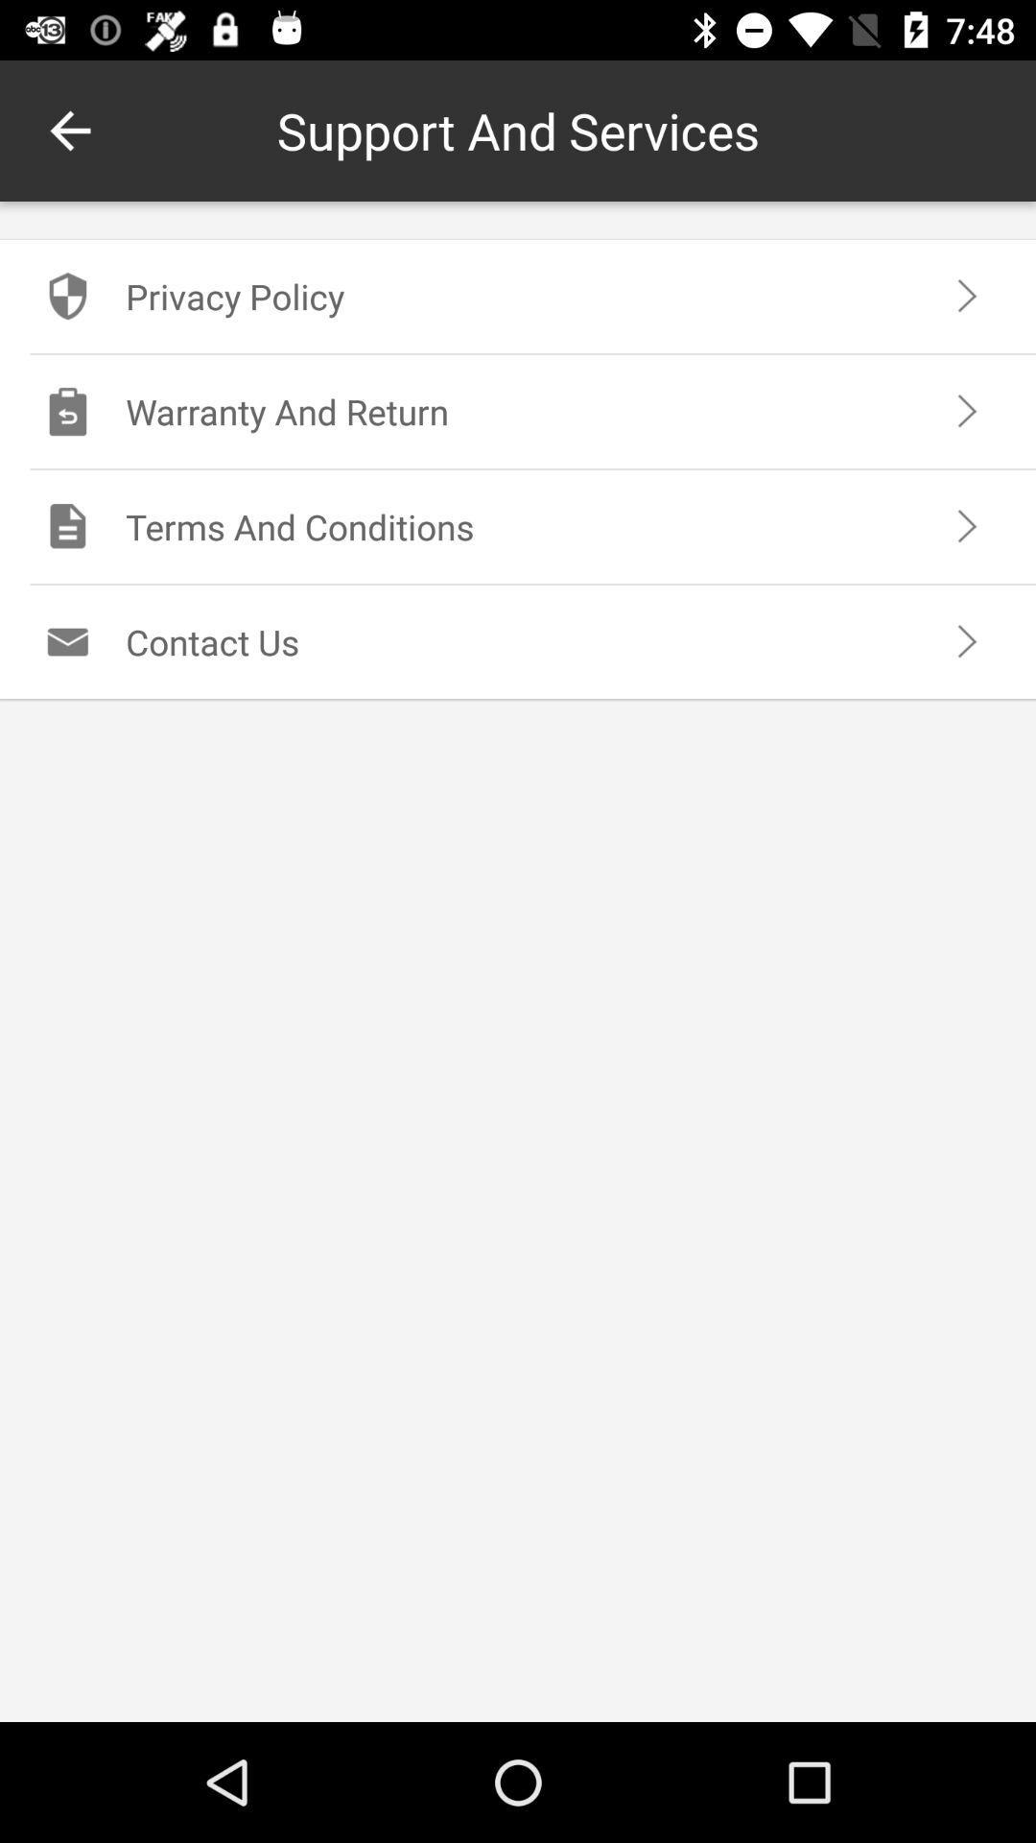 This screenshot has width=1036, height=1843. I want to click on item to the left of the support and services, so click(69, 130).